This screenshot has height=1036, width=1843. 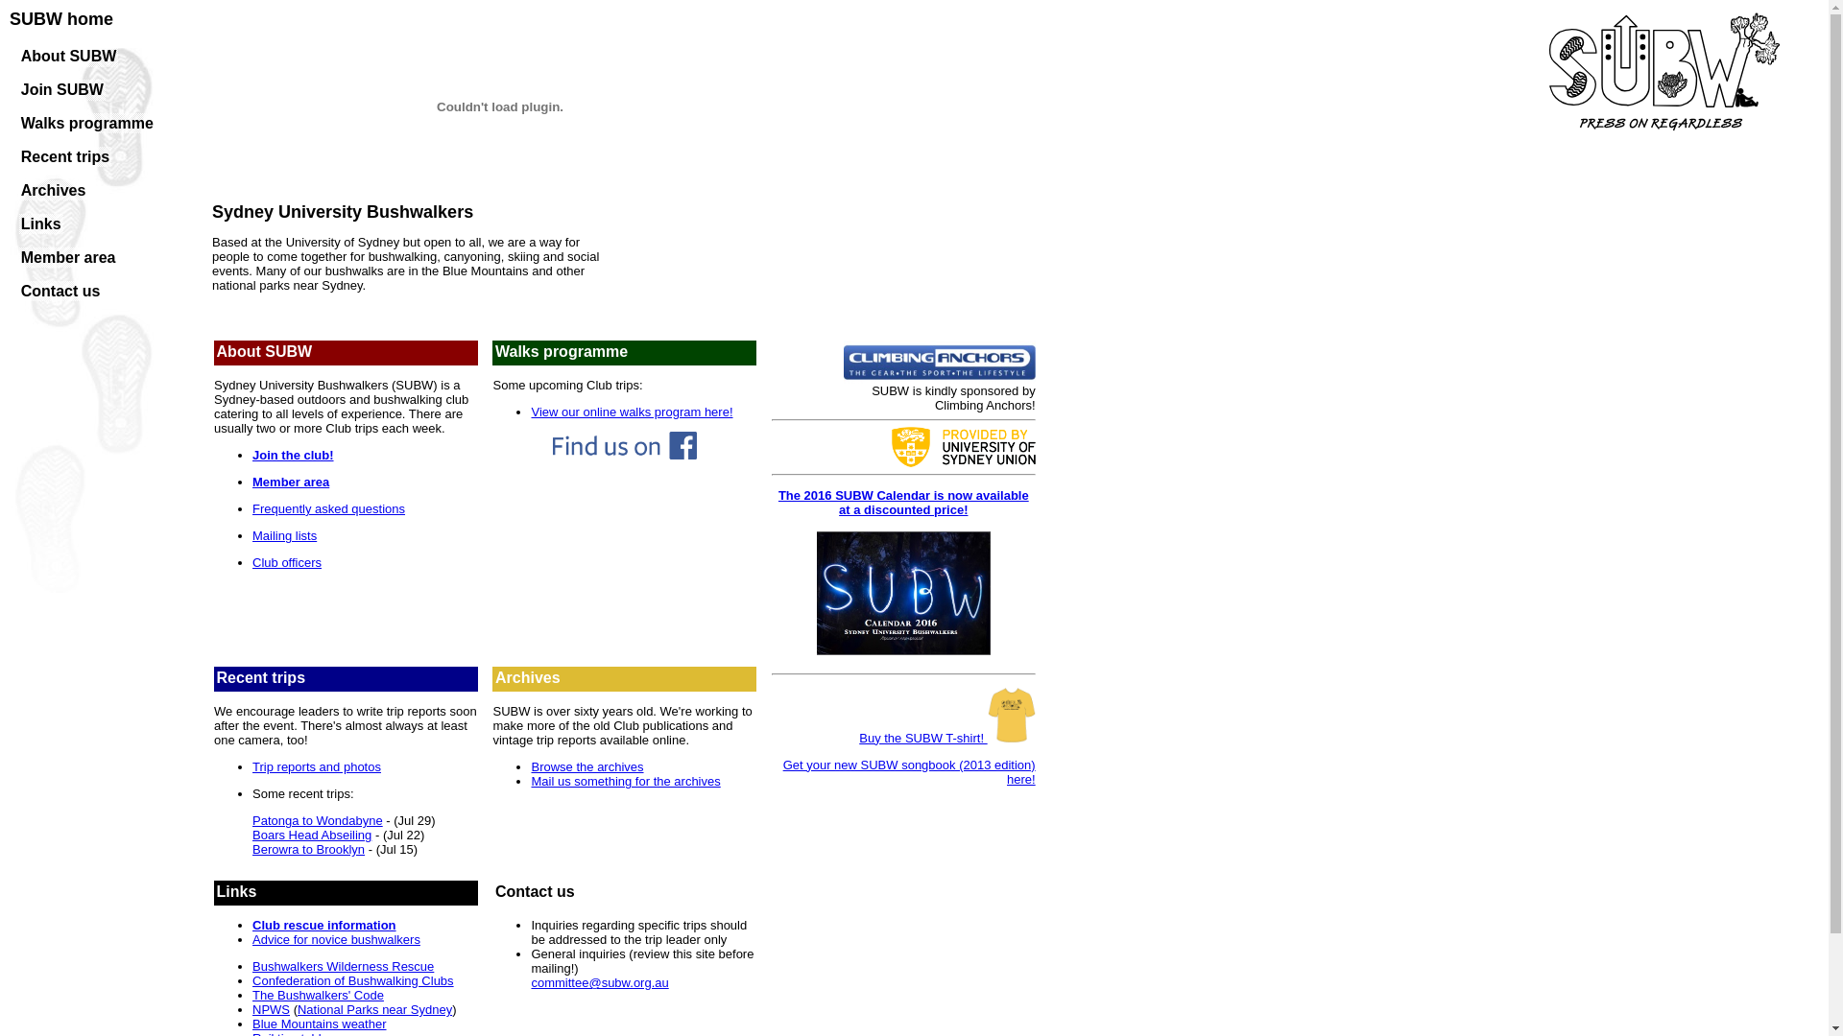 I want to click on 'Advice for novice bushwalkers', so click(x=251, y=938).